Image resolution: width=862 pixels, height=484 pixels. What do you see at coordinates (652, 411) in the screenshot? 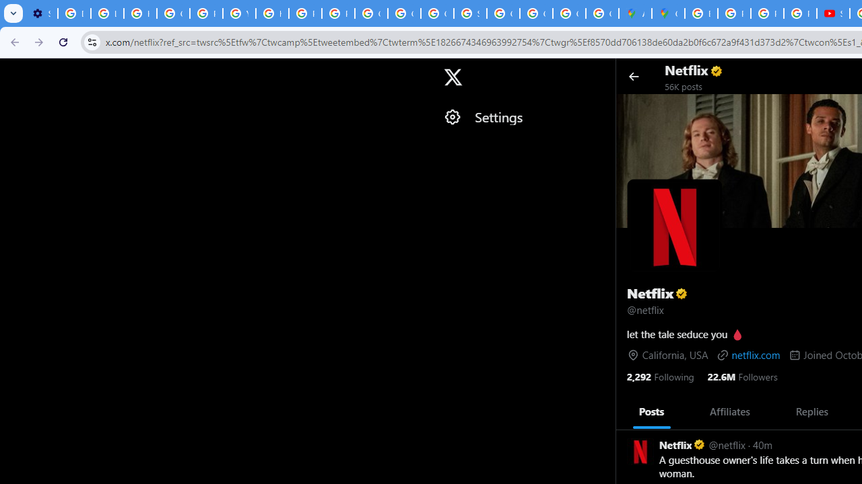
I see `'Posts'` at bounding box center [652, 411].